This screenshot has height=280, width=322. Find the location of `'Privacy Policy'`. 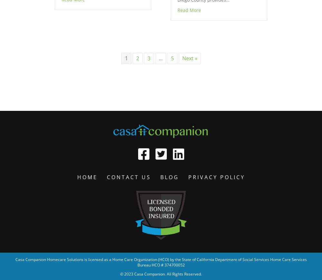

'Privacy Policy' is located at coordinates (188, 177).